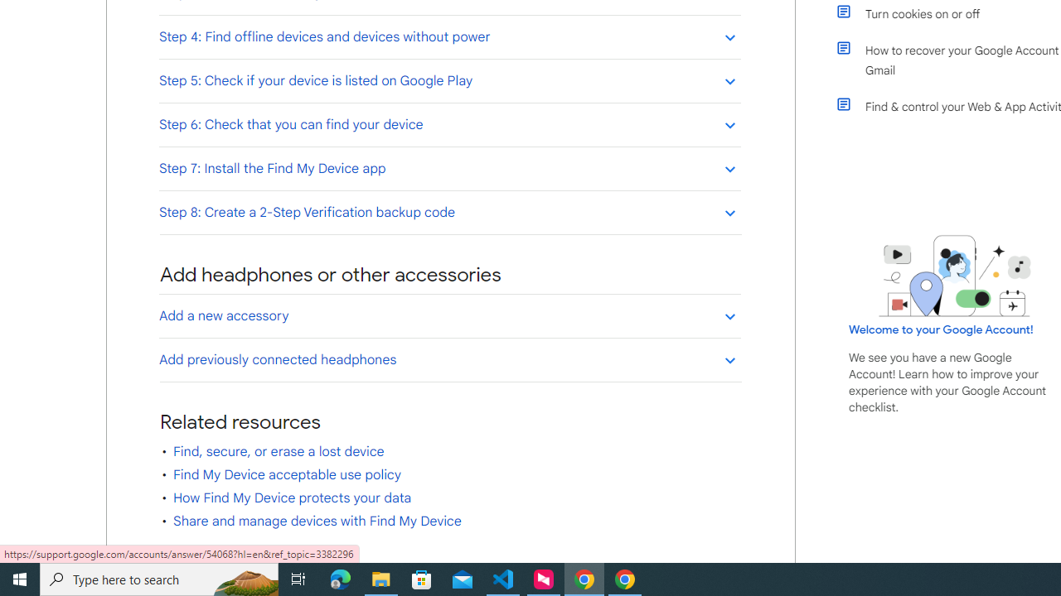 The height and width of the screenshot is (596, 1061). I want to click on 'Step 4: Find offline devices and devices without power', so click(449, 36).